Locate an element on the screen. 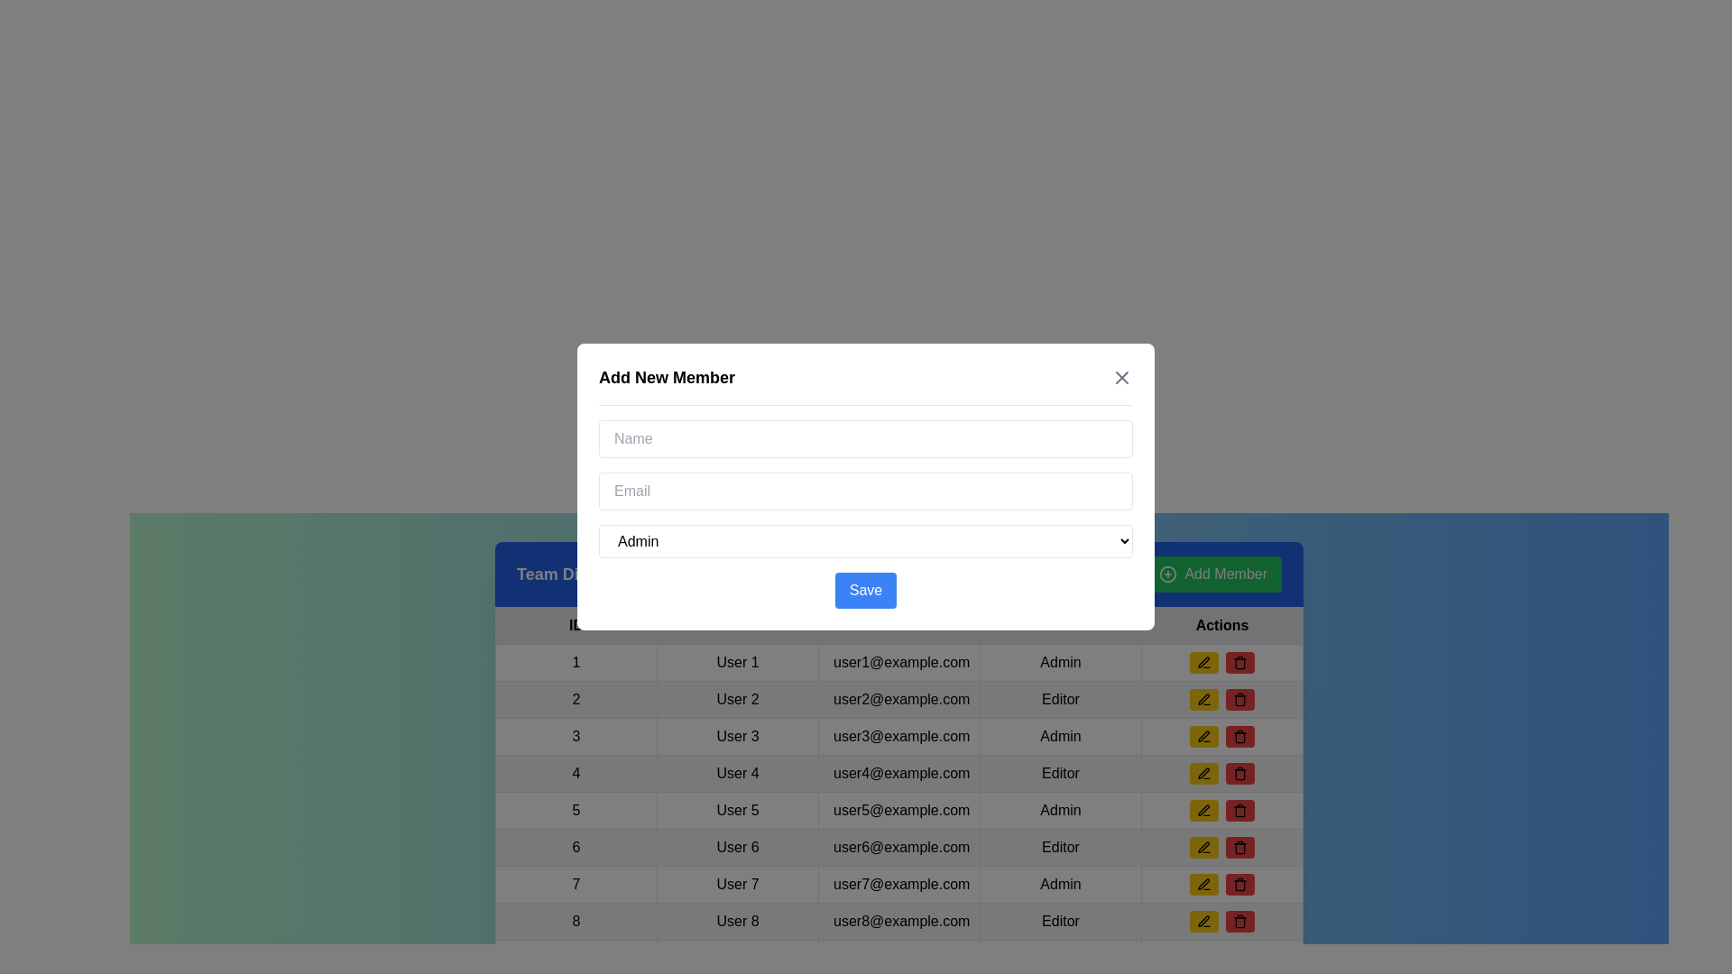 This screenshot has width=1732, height=974. the 'Edit' icon button located in the 'Actions' column of the first row in the table is located at coordinates (1203, 662).